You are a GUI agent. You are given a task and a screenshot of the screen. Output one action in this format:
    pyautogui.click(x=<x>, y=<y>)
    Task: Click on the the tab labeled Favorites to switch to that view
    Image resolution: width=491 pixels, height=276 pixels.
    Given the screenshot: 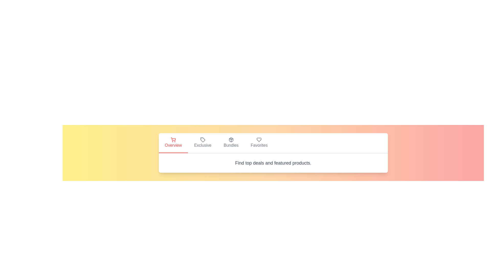 What is the action you would take?
    pyautogui.click(x=259, y=143)
    